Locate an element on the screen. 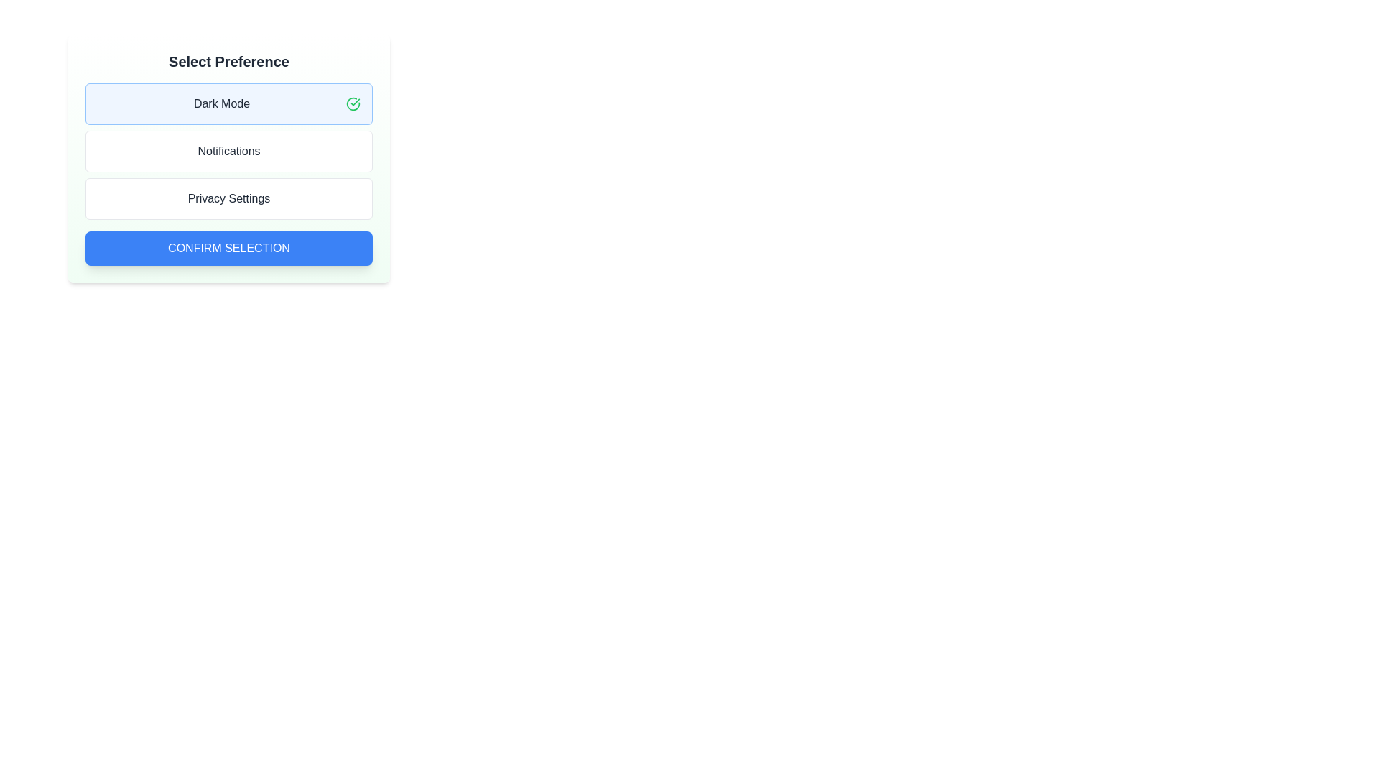  the 'Privacy Settings' button located in the 'Select Preference' section, which is the third item in a vertical list below 'Notifications' and 'Dark Mode' is located at coordinates (228, 199).